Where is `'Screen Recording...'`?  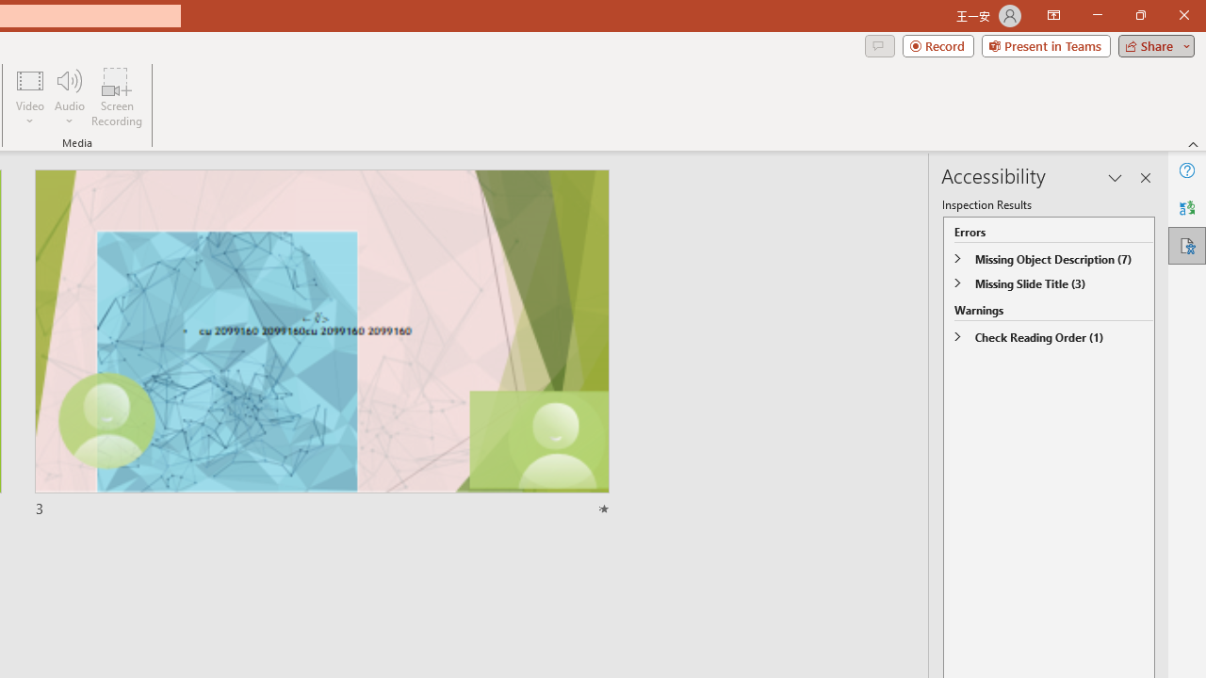 'Screen Recording...' is located at coordinates (116, 97).